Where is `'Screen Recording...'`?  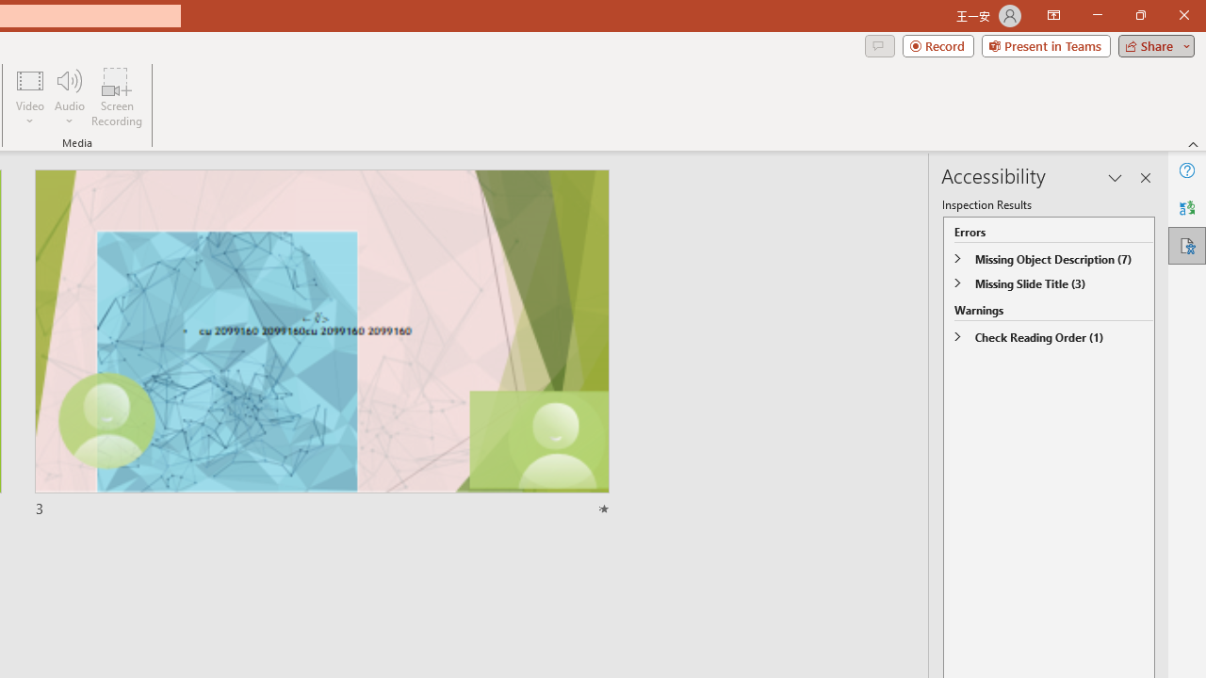 'Screen Recording...' is located at coordinates (116, 97).